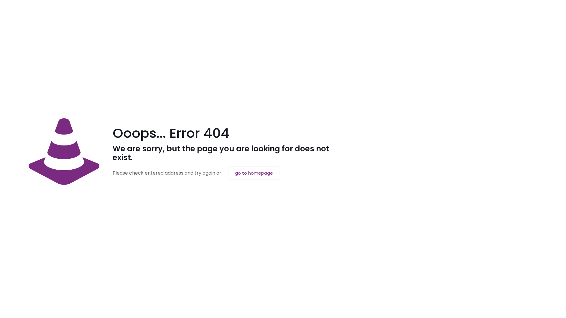 Image resolution: width=566 pixels, height=318 pixels. Describe the element at coordinates (254, 173) in the screenshot. I see `'go to homepage'` at that location.